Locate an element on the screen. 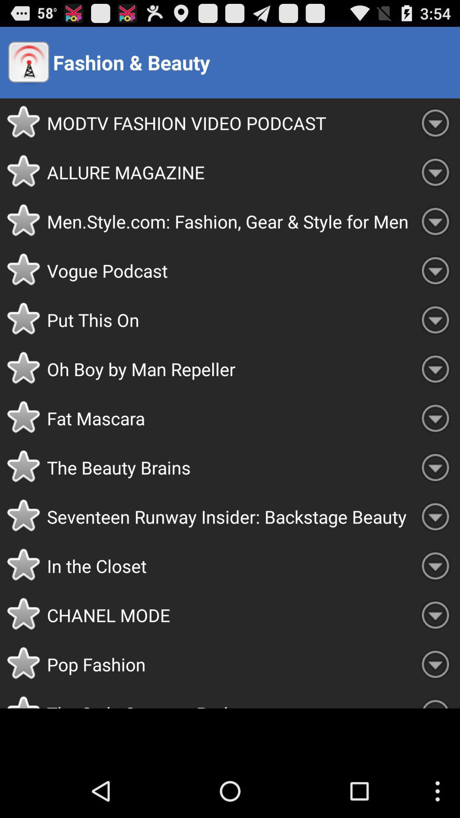 The width and height of the screenshot is (460, 818). the vogue podcast app is located at coordinates (228, 270).